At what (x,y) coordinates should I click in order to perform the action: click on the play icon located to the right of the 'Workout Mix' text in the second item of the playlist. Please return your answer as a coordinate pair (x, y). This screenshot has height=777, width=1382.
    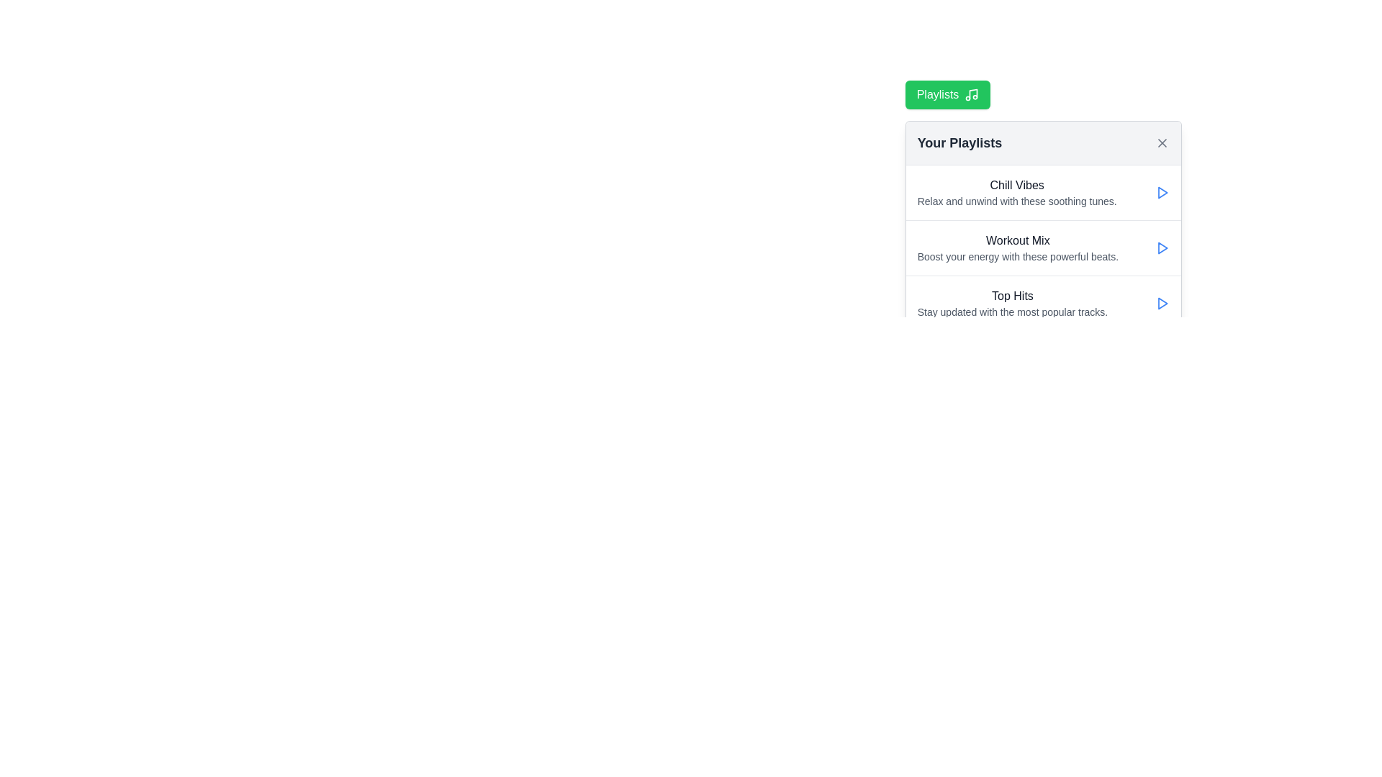
    Looking at the image, I should click on (1162, 247).